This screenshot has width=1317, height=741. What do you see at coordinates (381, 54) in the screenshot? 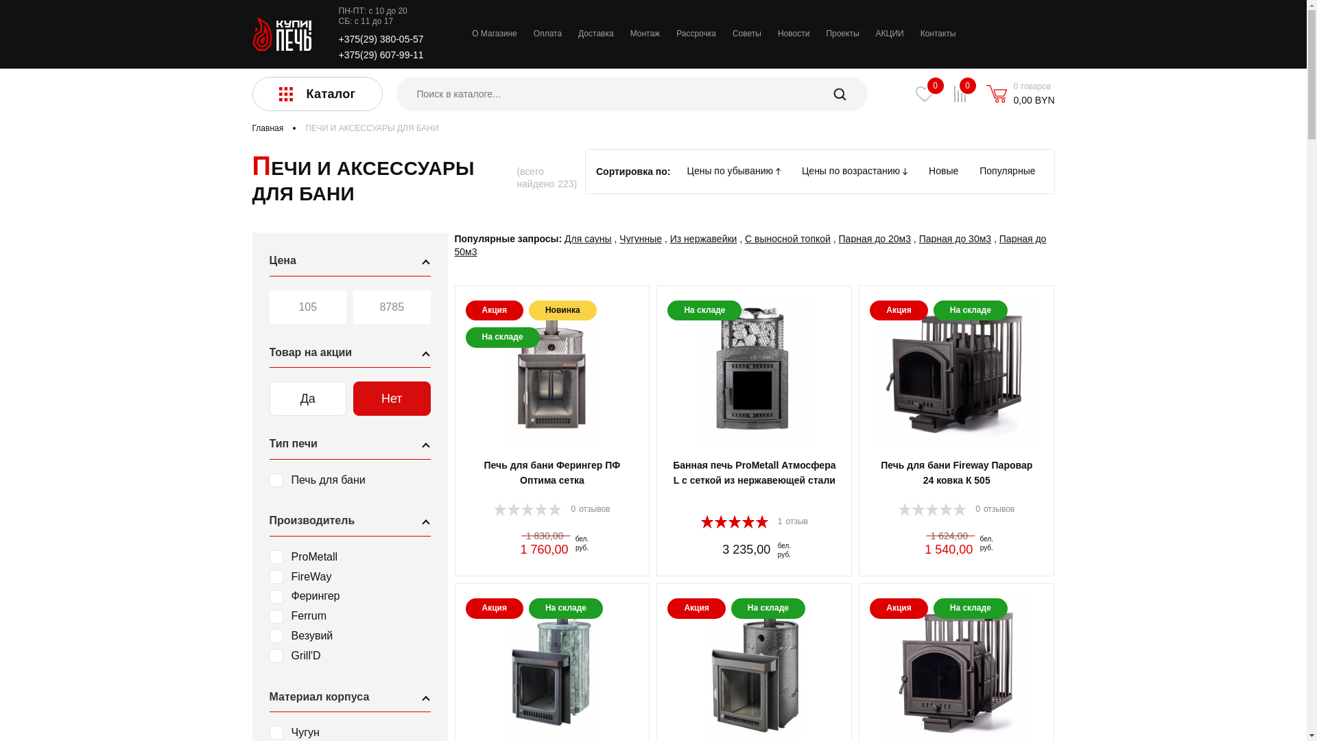
I see `'+375(29) 607-99-11'` at bounding box center [381, 54].